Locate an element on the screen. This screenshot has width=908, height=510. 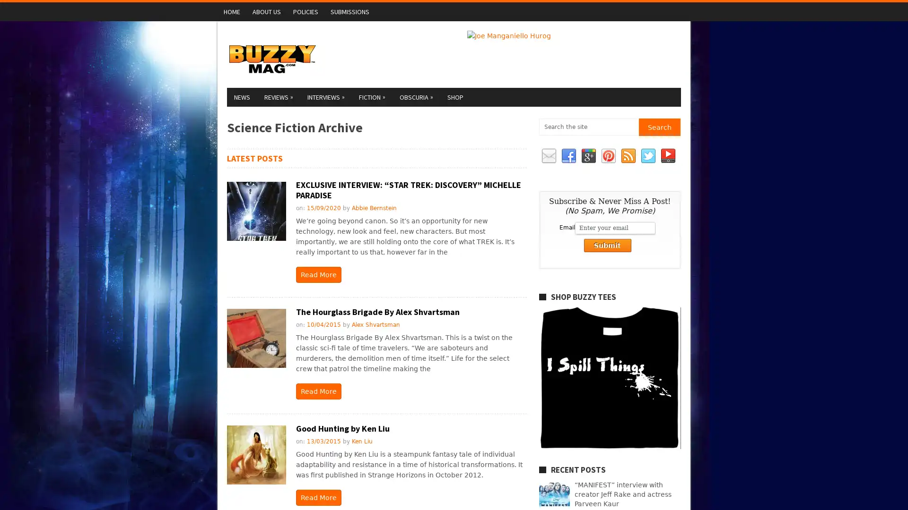
Submit is located at coordinates (607, 245).